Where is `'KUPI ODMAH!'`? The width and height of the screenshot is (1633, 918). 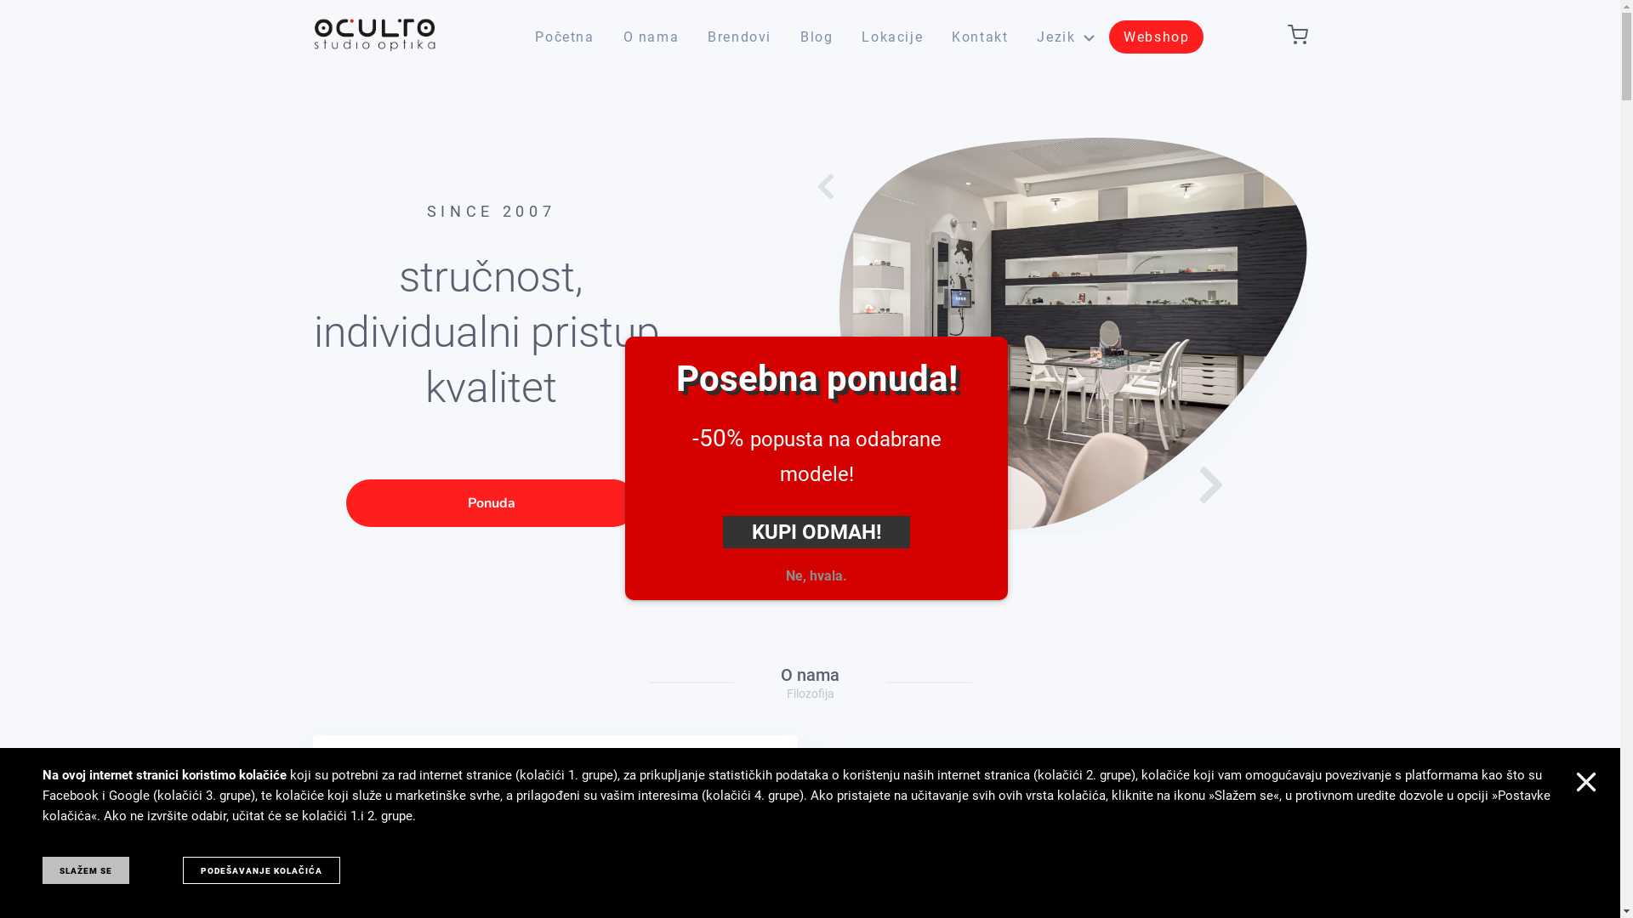
'KUPI ODMAH!' is located at coordinates (722, 530).